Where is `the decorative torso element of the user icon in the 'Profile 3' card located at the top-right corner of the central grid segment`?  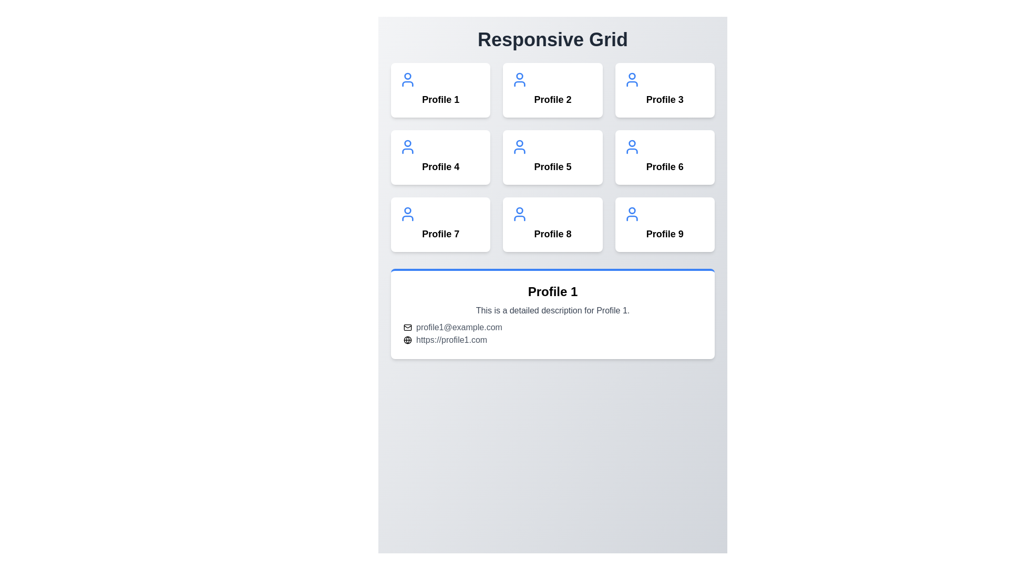 the decorative torso element of the user icon in the 'Profile 3' card located at the top-right corner of the central grid segment is located at coordinates (631, 83).